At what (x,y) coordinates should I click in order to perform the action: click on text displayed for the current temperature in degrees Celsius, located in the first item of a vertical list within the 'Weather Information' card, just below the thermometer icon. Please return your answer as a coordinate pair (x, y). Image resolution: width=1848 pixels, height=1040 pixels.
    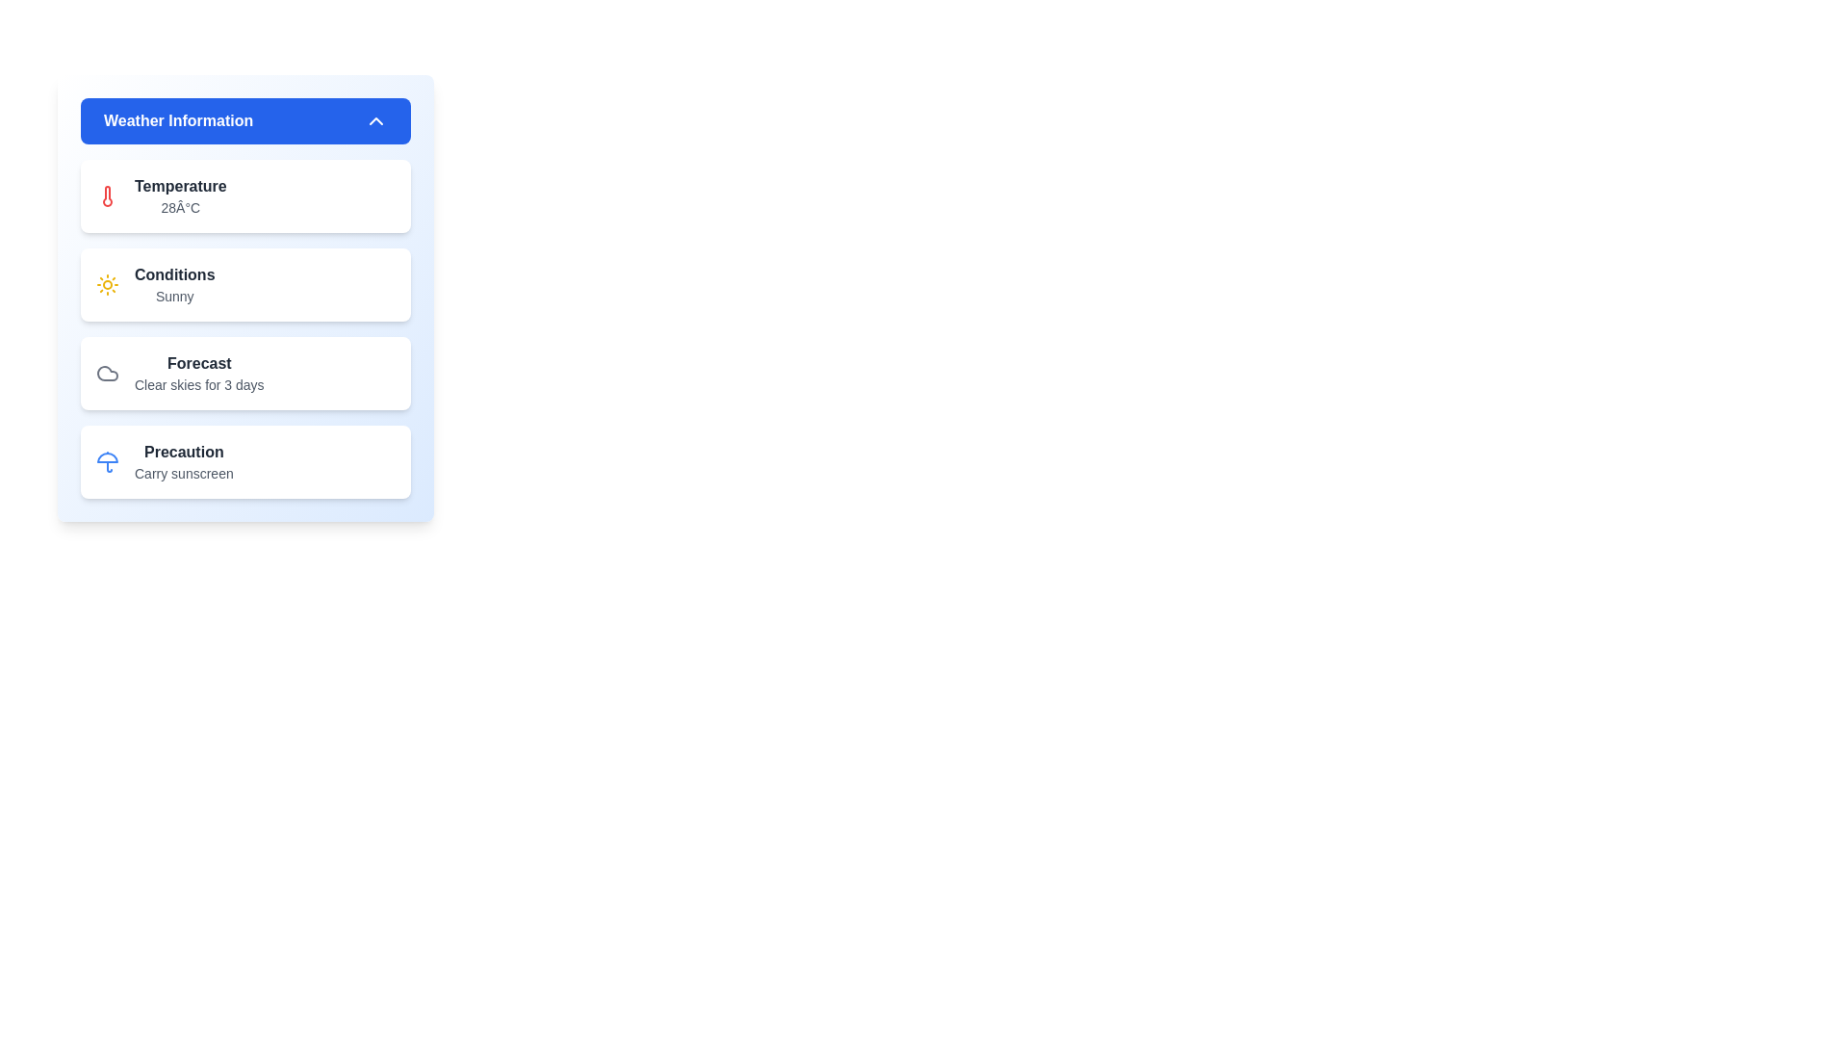
    Looking at the image, I should click on (180, 196).